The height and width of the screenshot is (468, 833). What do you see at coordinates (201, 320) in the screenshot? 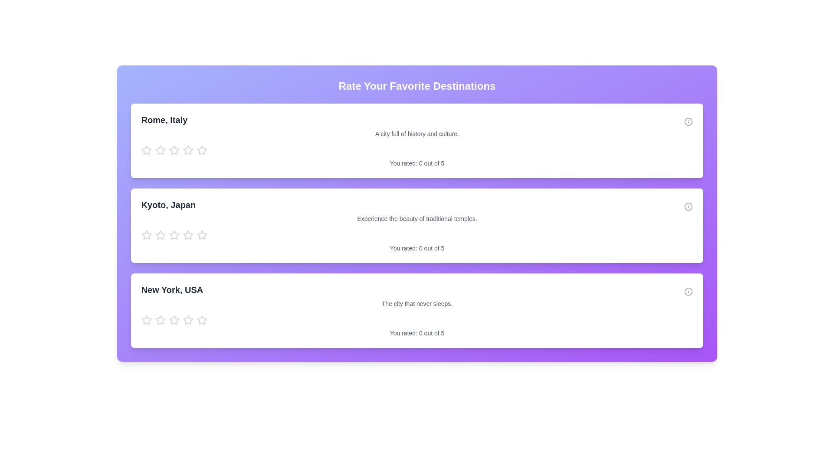
I see `the fifth star-shaped rating icon in the 'New York, USA' section to set a rating` at bounding box center [201, 320].